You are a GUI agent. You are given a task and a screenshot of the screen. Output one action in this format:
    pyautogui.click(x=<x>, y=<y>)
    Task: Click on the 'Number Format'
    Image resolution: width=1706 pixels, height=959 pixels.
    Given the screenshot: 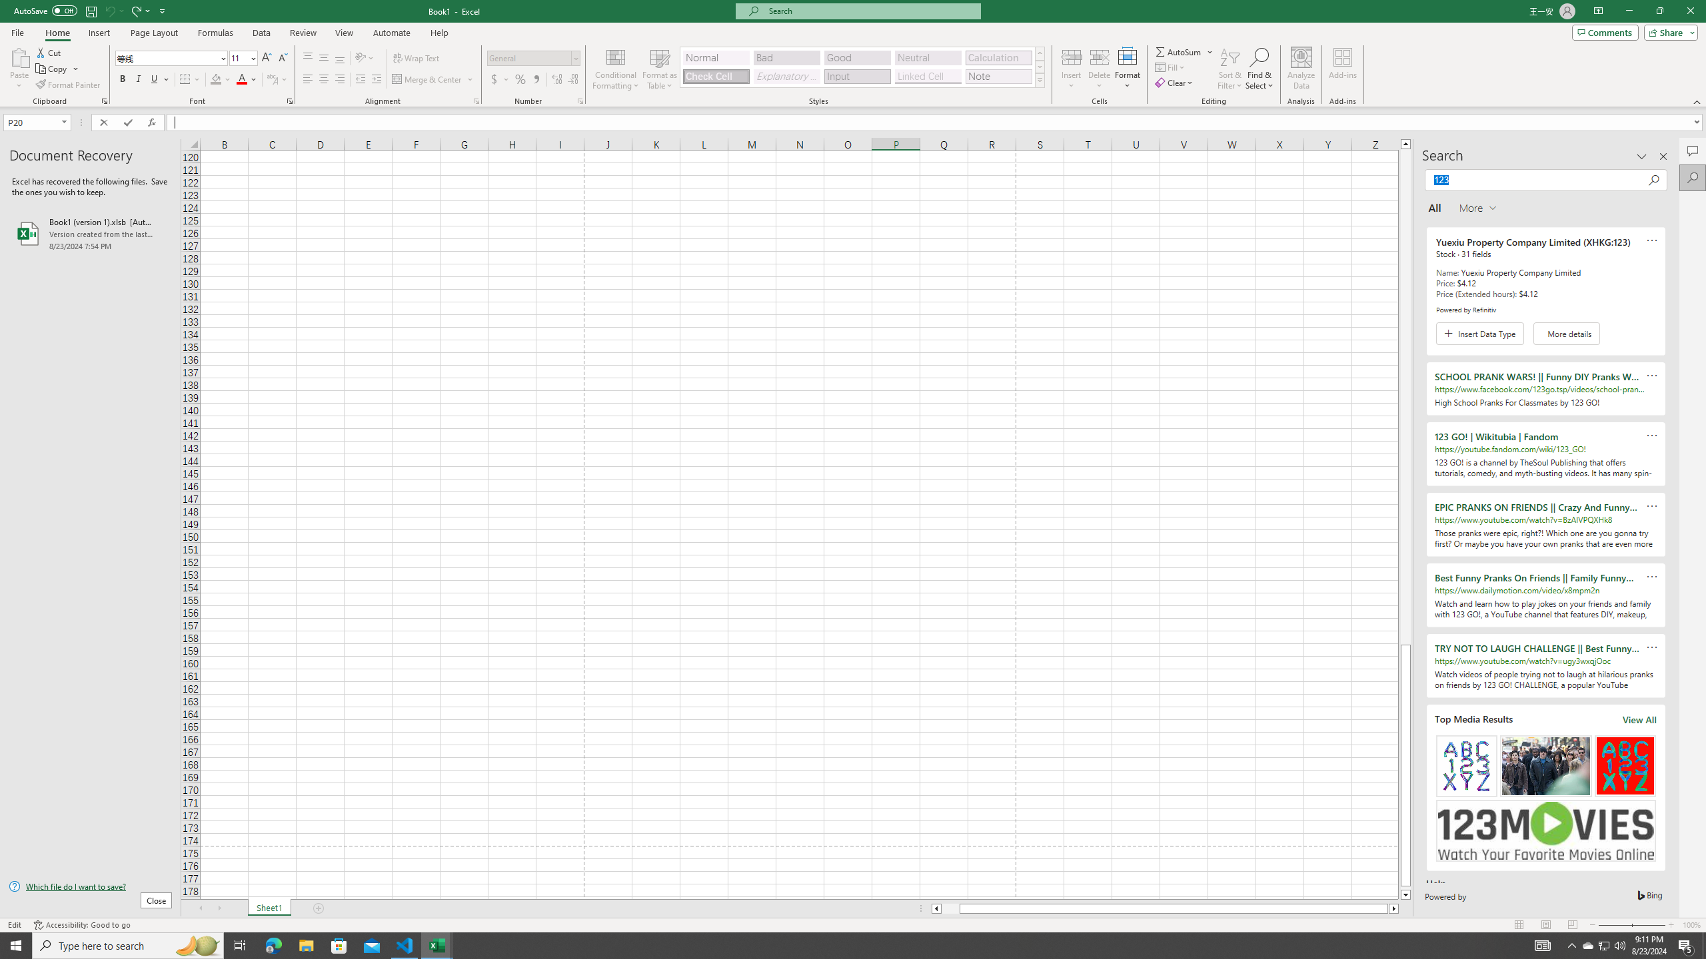 What is the action you would take?
    pyautogui.click(x=533, y=58)
    